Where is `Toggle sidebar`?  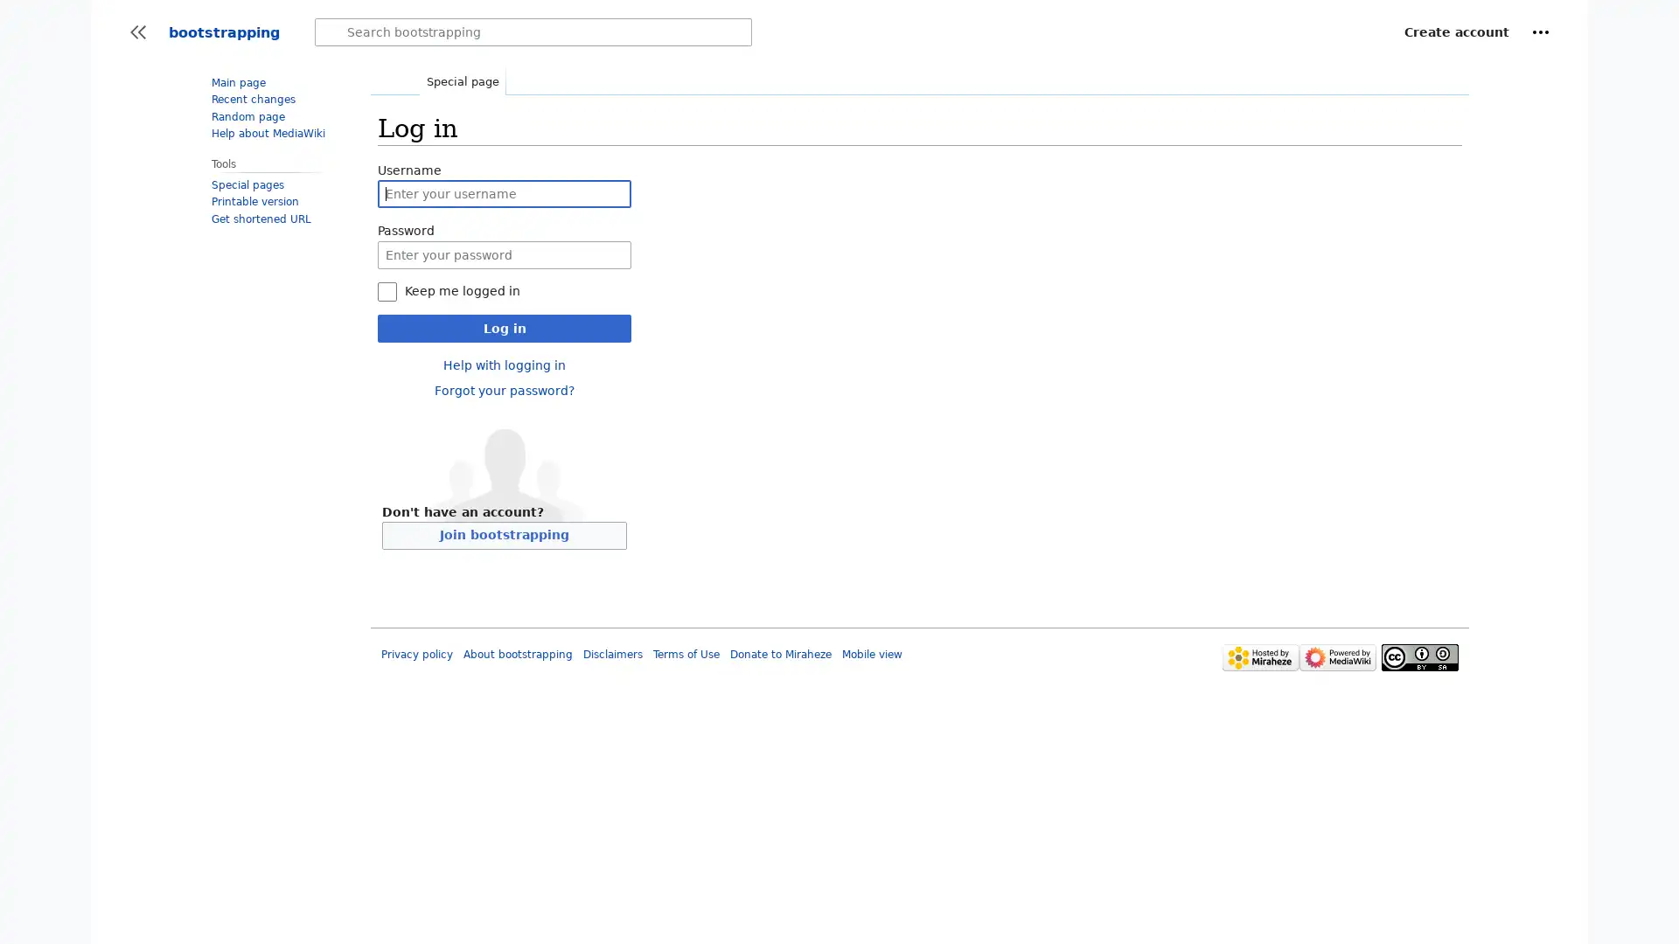
Toggle sidebar is located at coordinates (137, 32).